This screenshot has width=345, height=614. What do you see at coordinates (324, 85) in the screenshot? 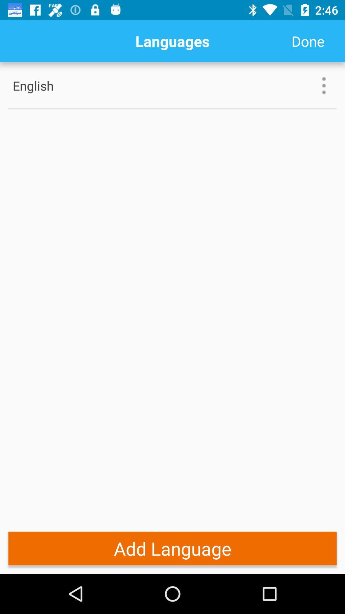
I see `more information` at bounding box center [324, 85].